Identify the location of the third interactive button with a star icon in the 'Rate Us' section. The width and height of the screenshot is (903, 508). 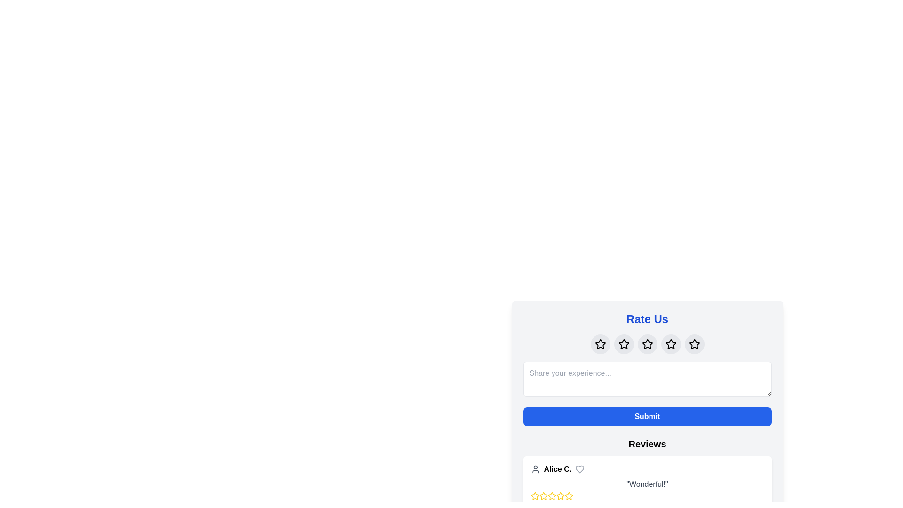
(624, 344).